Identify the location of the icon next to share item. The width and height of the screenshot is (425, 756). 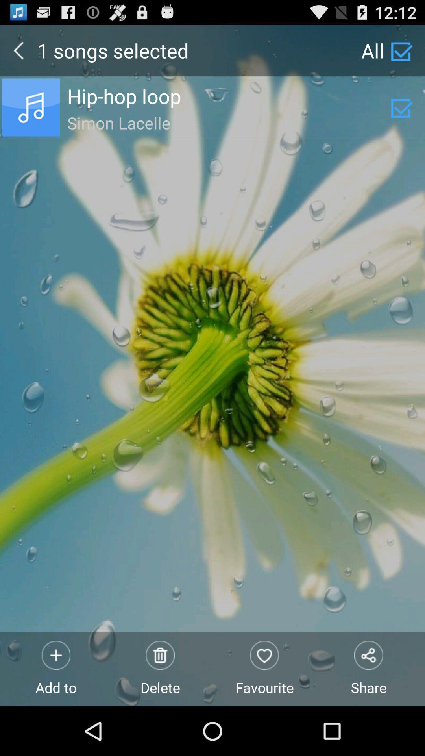
(264, 669).